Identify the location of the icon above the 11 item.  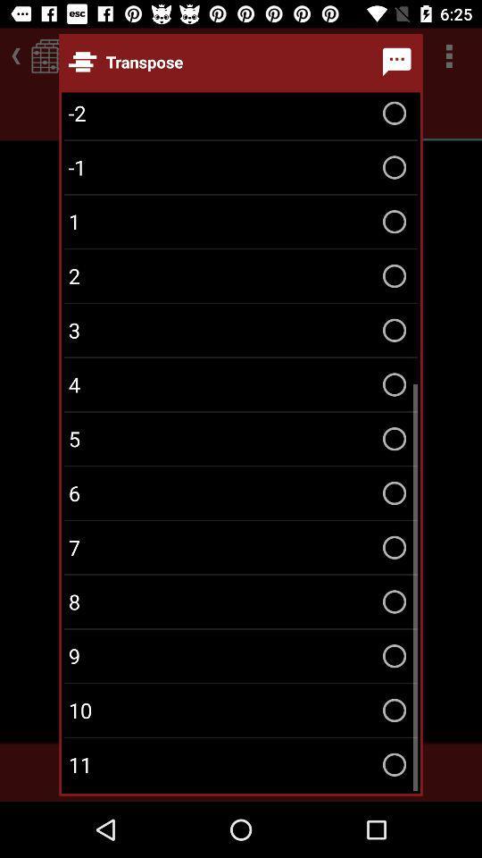
(241, 710).